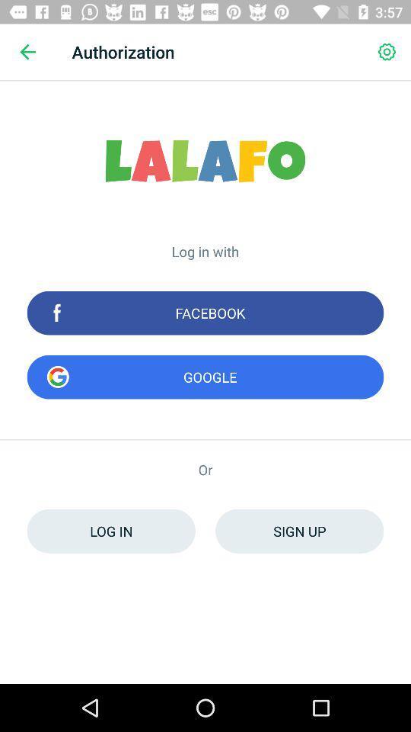 The image size is (411, 732). What do you see at coordinates (299, 531) in the screenshot?
I see `the icon to the right of log in` at bounding box center [299, 531].